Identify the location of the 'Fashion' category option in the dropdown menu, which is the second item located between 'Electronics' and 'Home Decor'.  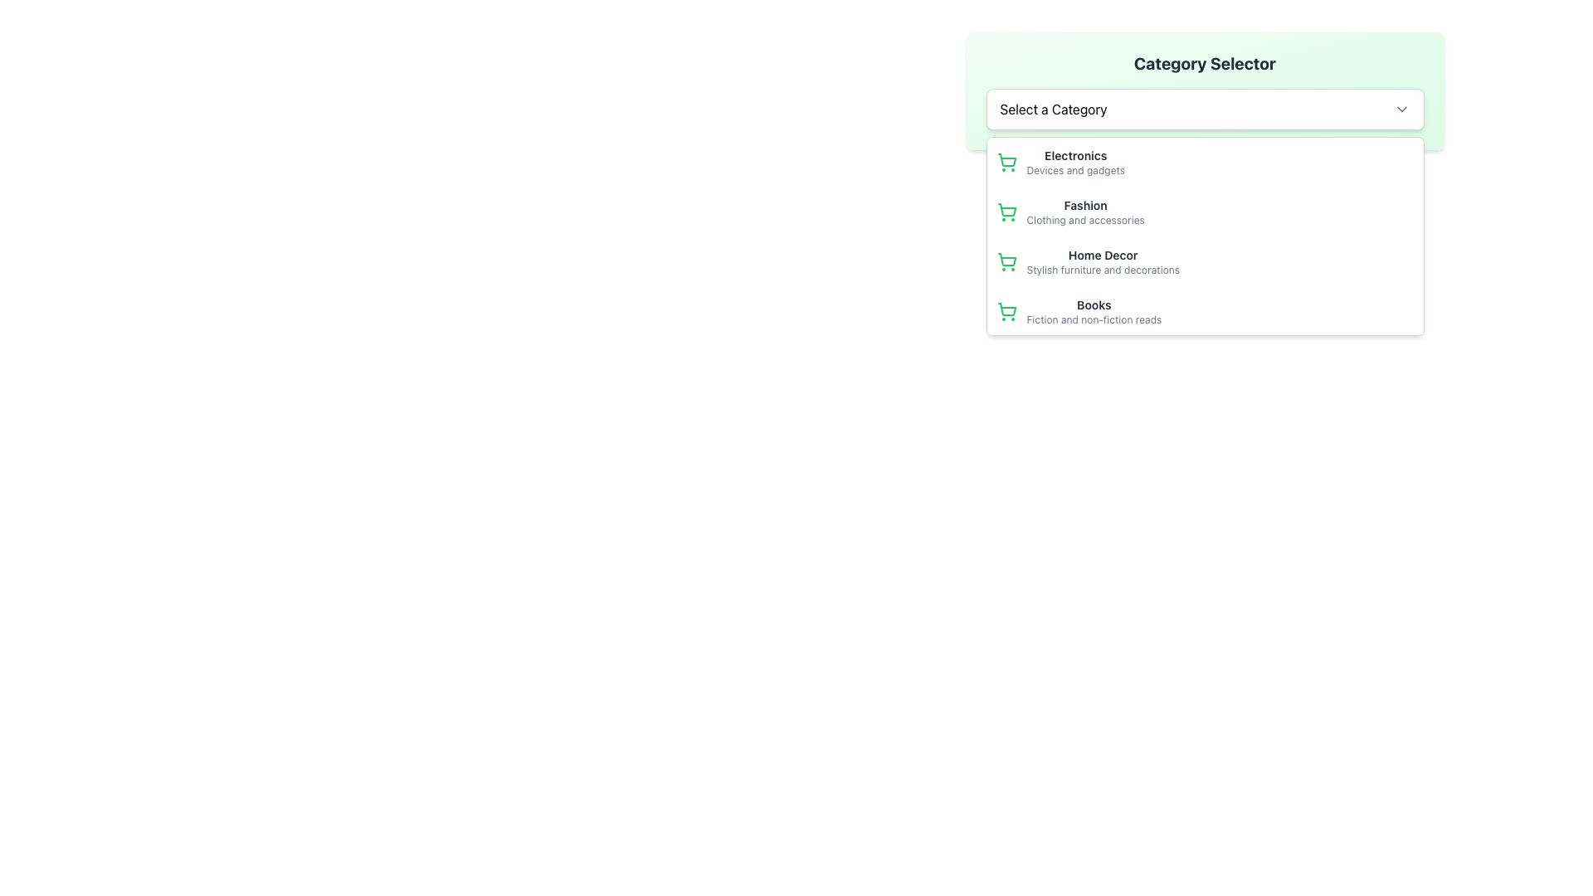
(1205, 211).